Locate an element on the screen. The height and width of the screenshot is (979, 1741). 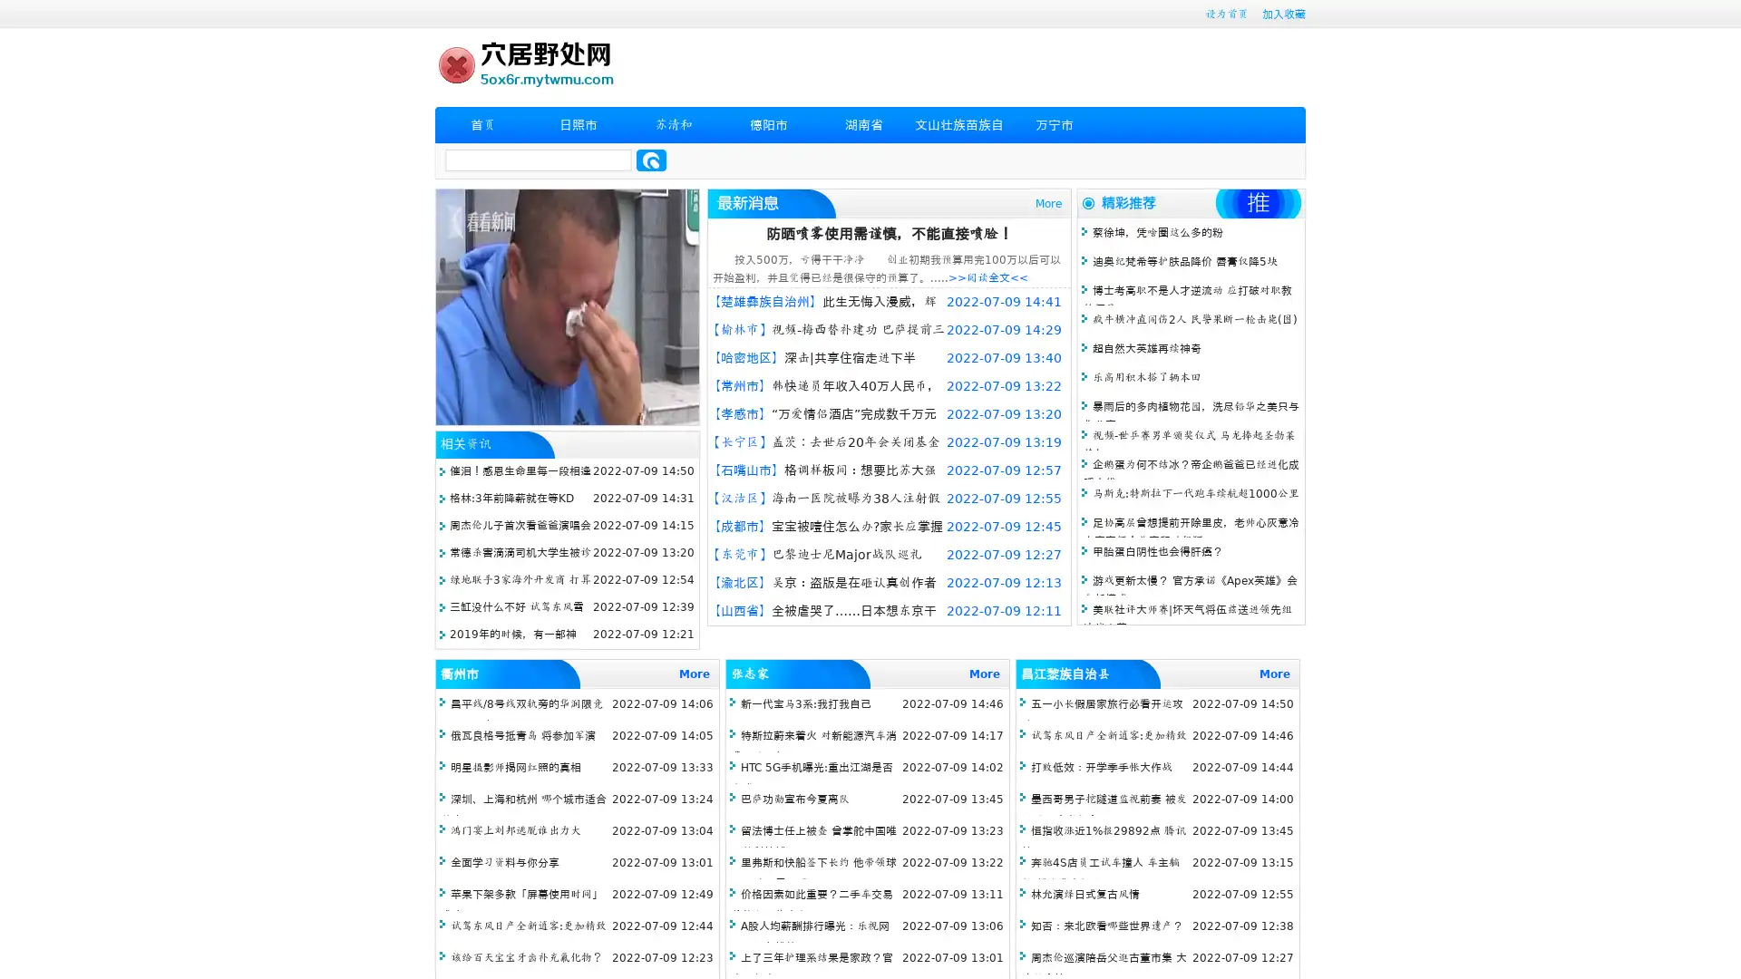
Search is located at coordinates (651, 160).